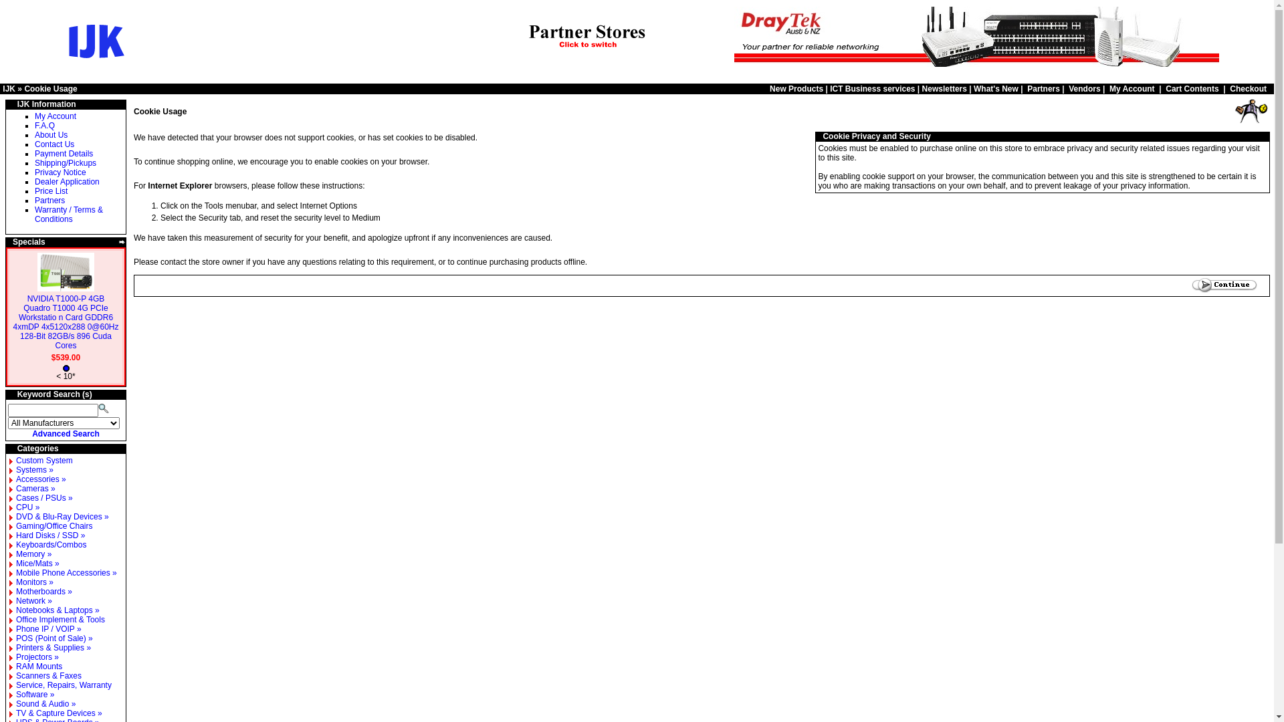 The height and width of the screenshot is (722, 1284). What do you see at coordinates (64, 162) in the screenshot?
I see `'Shipping/Pickups'` at bounding box center [64, 162].